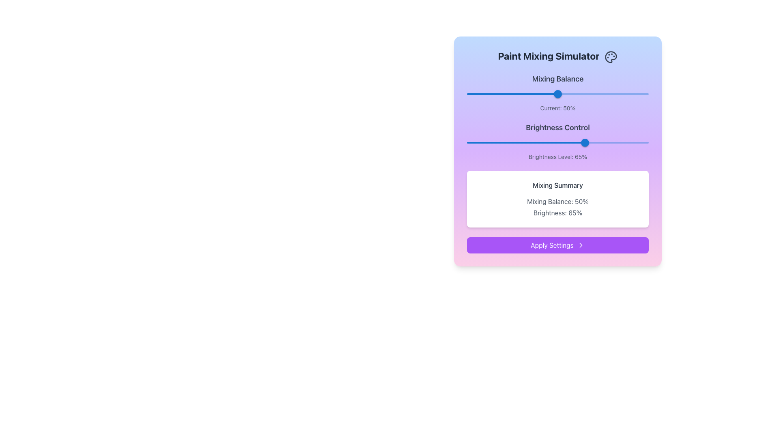 This screenshot has height=438, width=779. I want to click on the mixing balance, so click(505, 93).